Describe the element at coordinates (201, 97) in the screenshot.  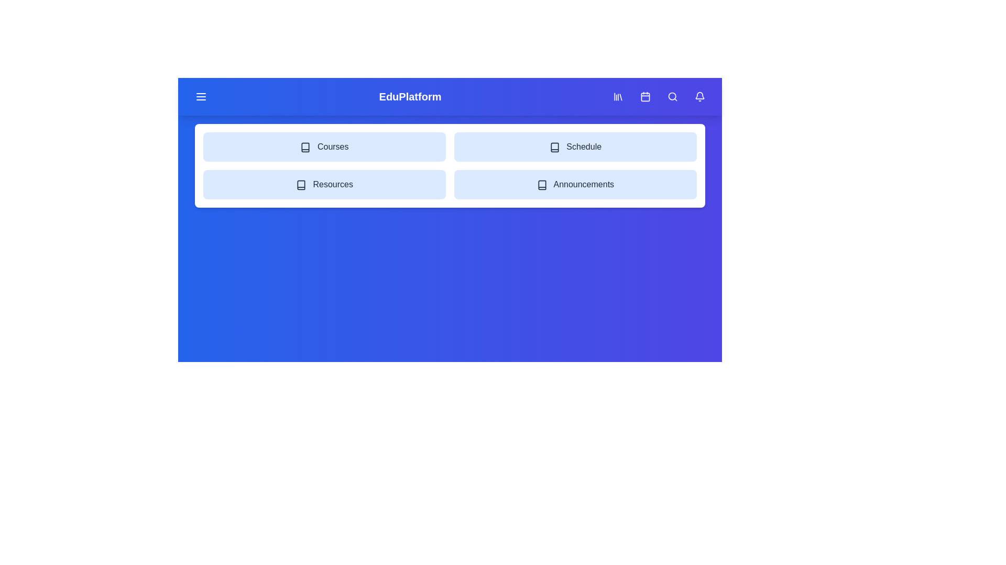
I see `the menu button to toggle the menu visibility` at that location.